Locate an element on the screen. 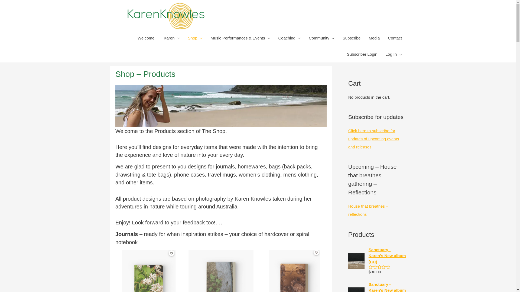 Image resolution: width=520 pixels, height=292 pixels. 'Community' is located at coordinates (304, 38).